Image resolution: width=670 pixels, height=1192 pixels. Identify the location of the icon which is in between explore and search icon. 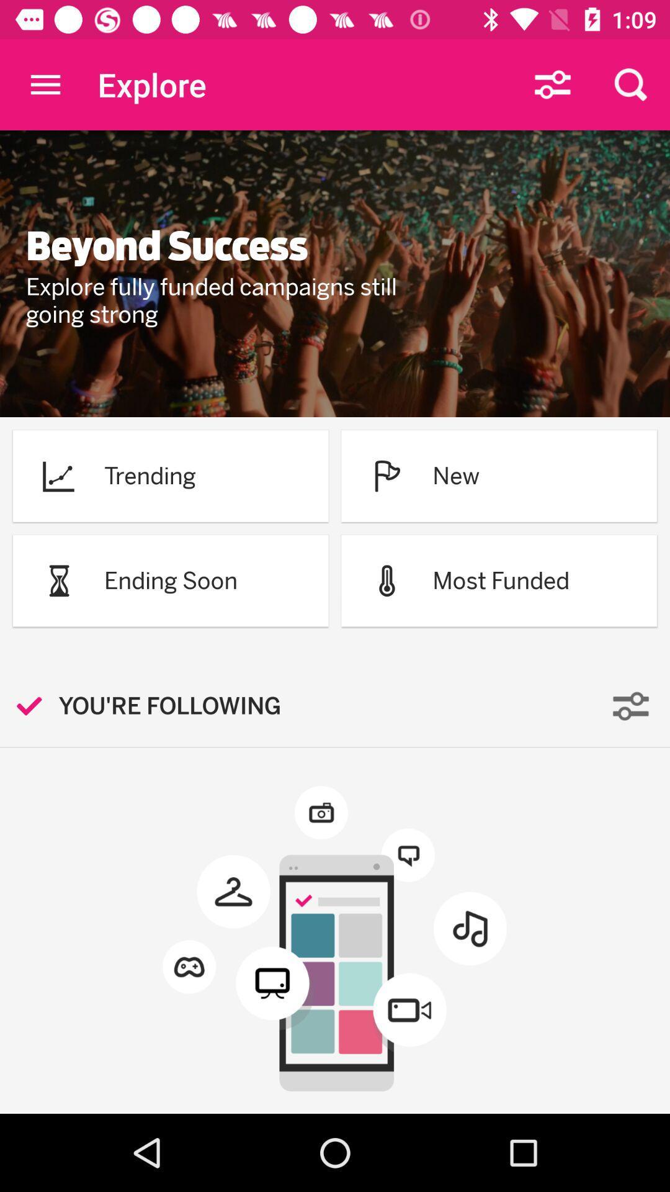
(552, 84).